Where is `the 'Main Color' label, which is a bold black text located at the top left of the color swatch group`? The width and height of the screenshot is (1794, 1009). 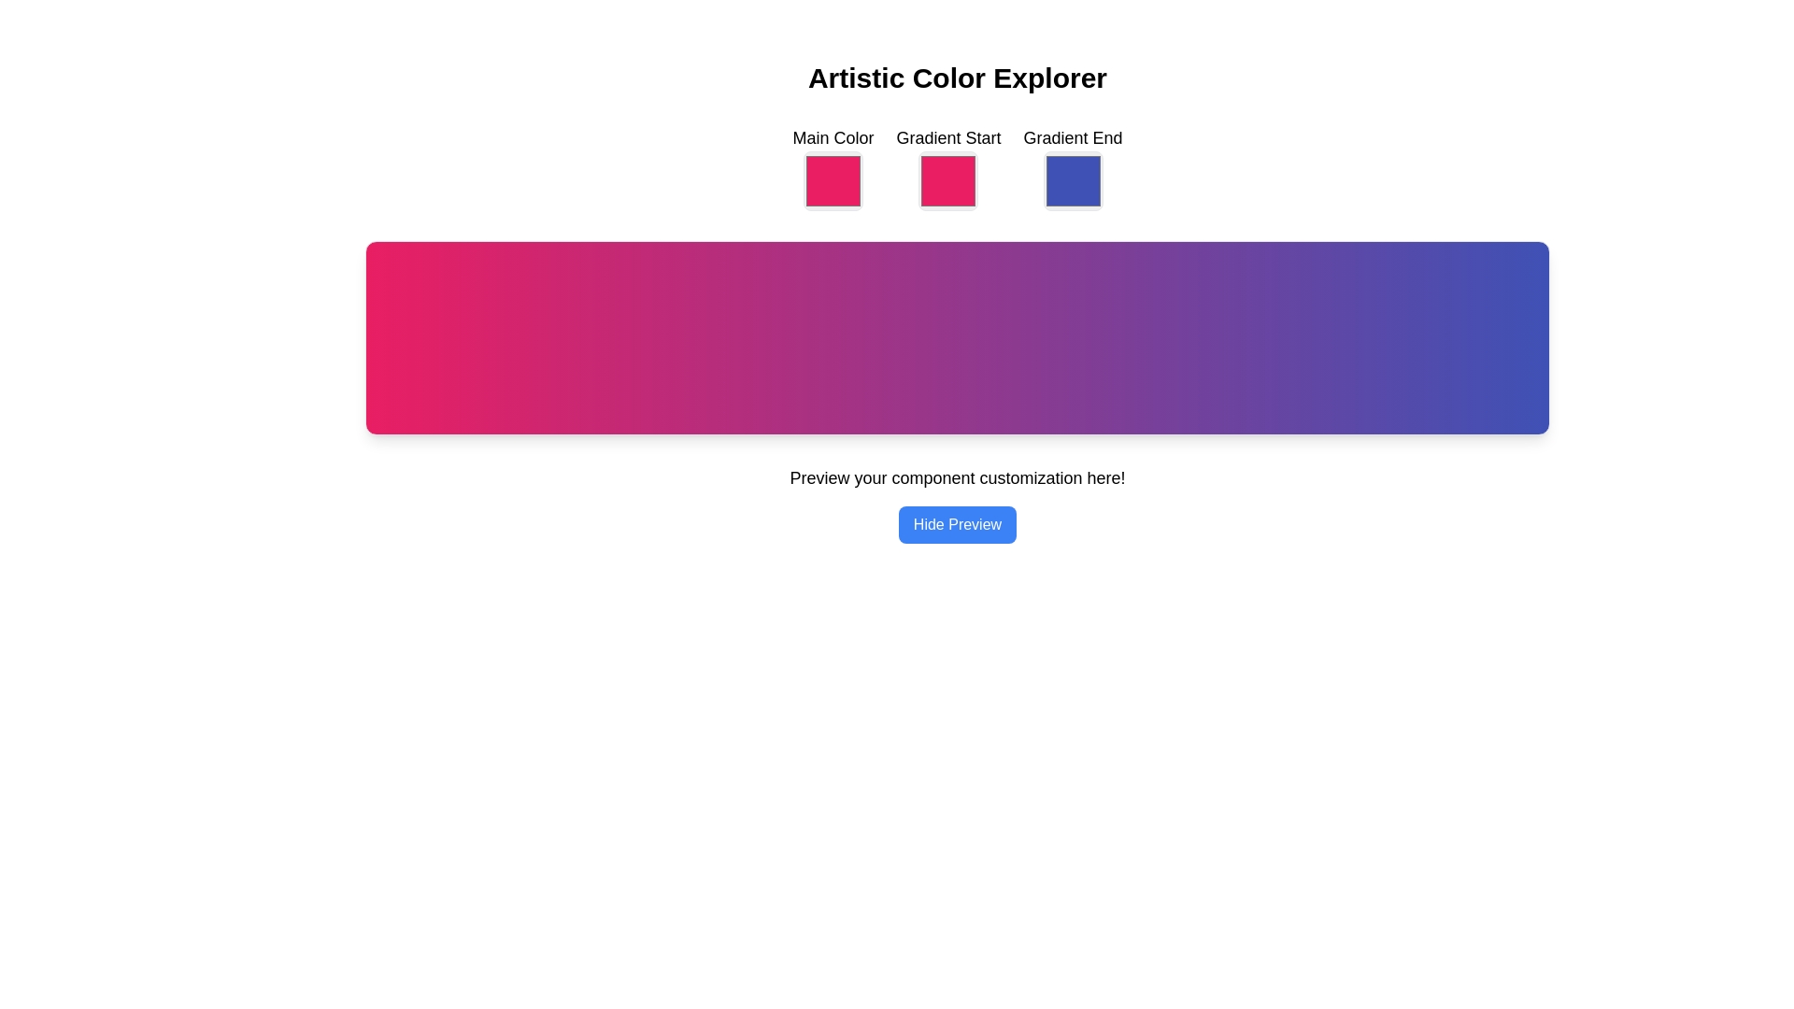
the 'Main Color' label, which is a bold black text located at the top left of the color swatch group is located at coordinates (832, 136).